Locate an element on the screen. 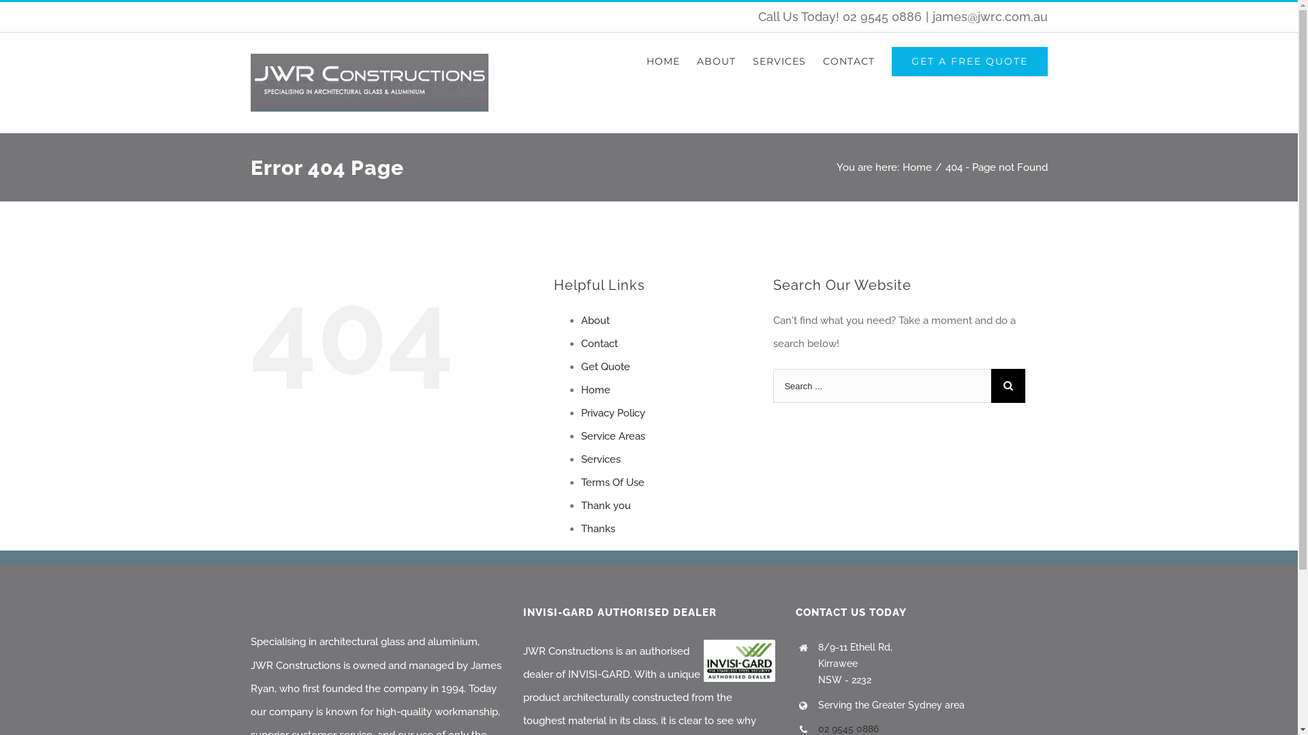  'ABOUT' is located at coordinates (715, 60).